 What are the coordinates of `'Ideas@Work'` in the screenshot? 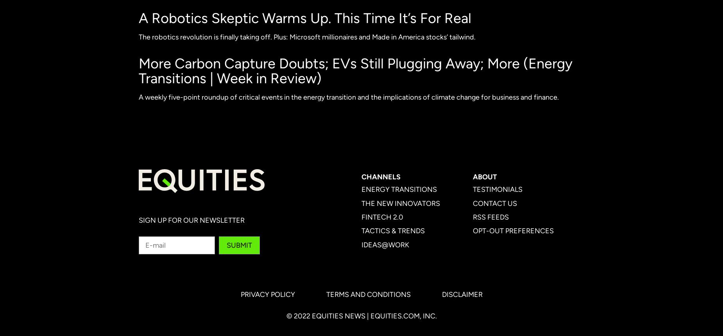 It's located at (385, 244).